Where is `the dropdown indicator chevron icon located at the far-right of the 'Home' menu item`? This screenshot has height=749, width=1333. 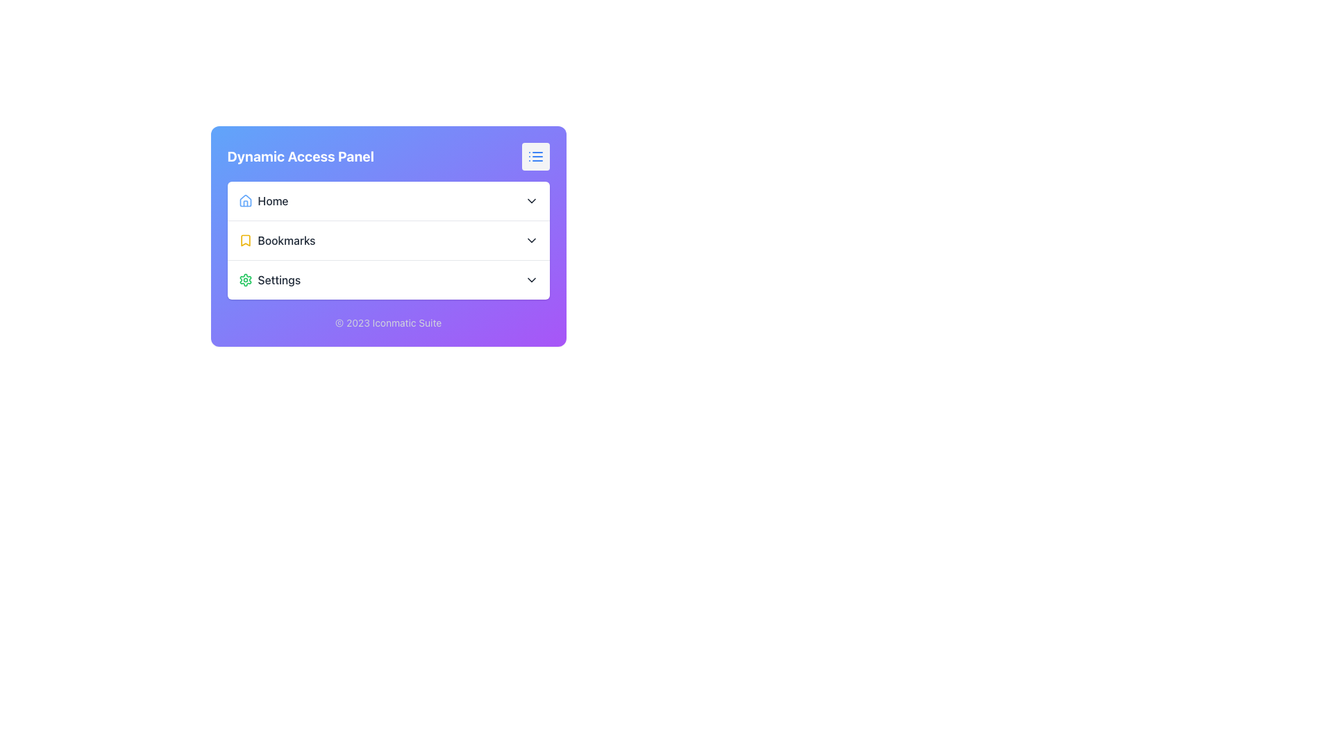
the dropdown indicator chevron icon located at the far-right of the 'Home' menu item is located at coordinates (530, 200).